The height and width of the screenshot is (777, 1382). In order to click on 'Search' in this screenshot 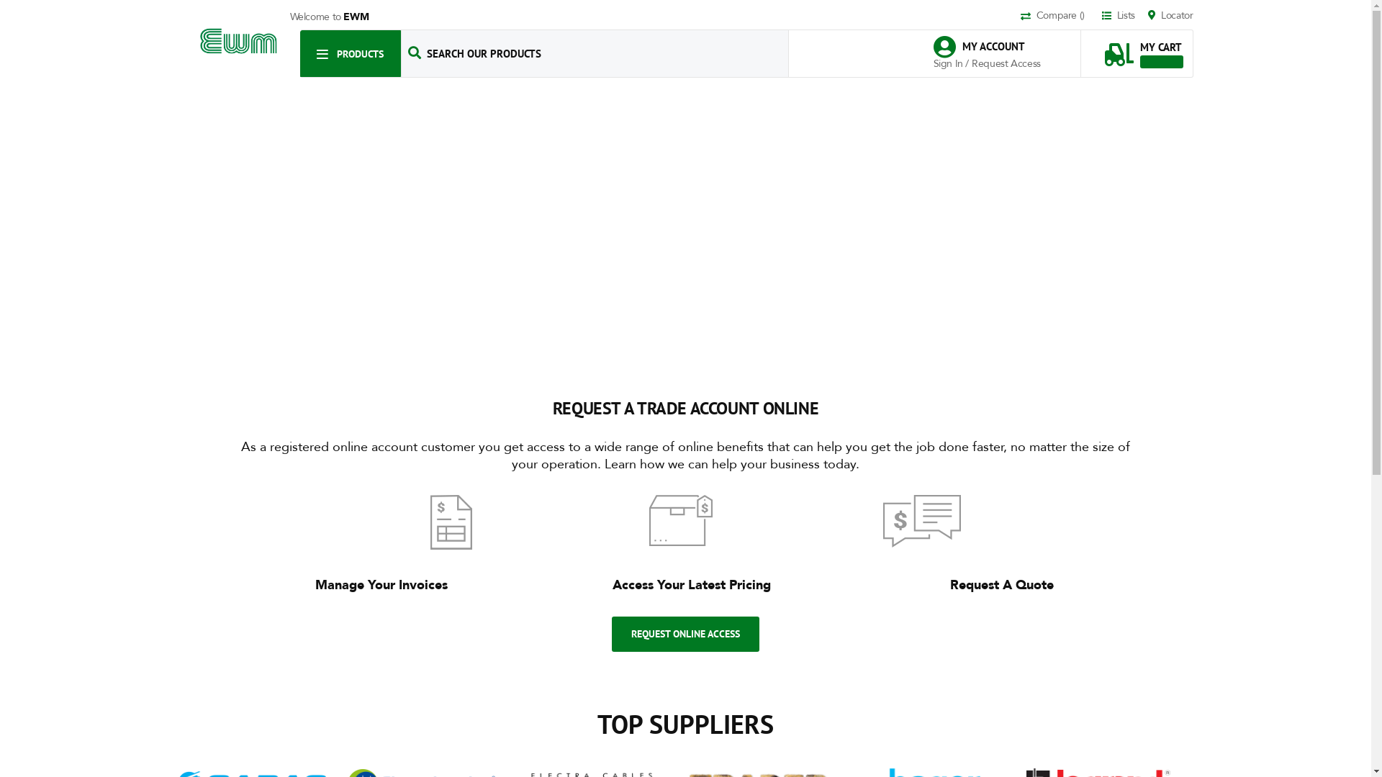, I will do `click(414, 52)`.